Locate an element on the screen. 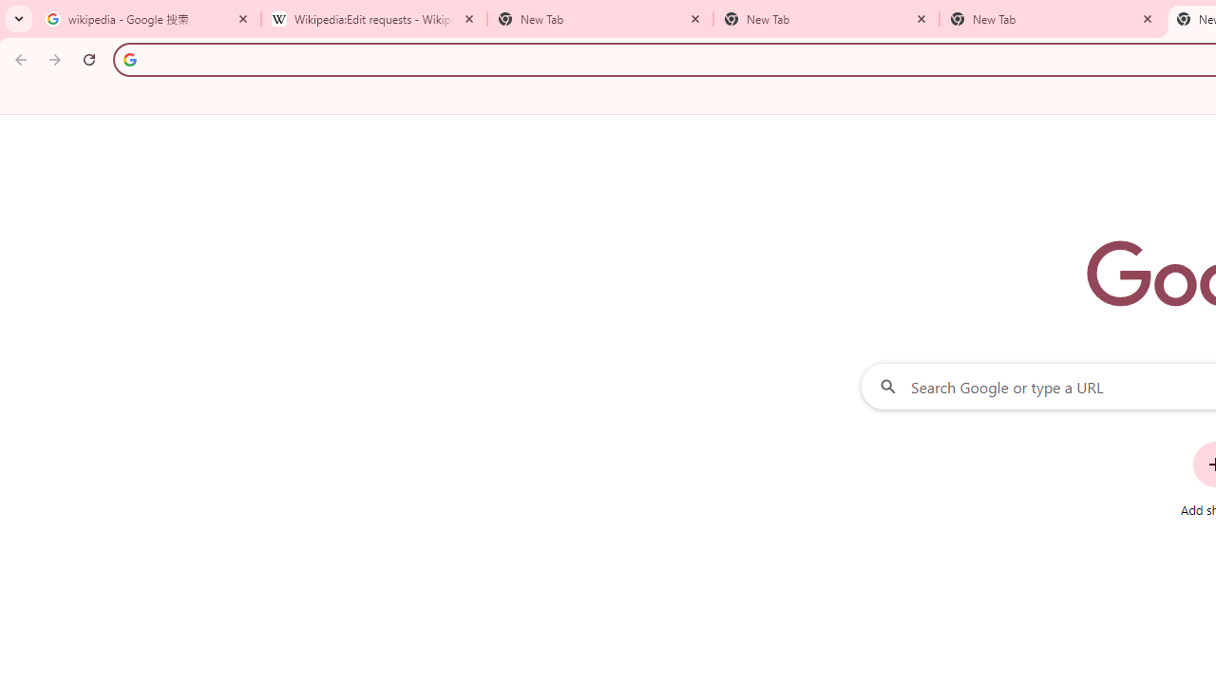 The width and height of the screenshot is (1216, 684). 'Search tabs' is located at coordinates (19, 19).